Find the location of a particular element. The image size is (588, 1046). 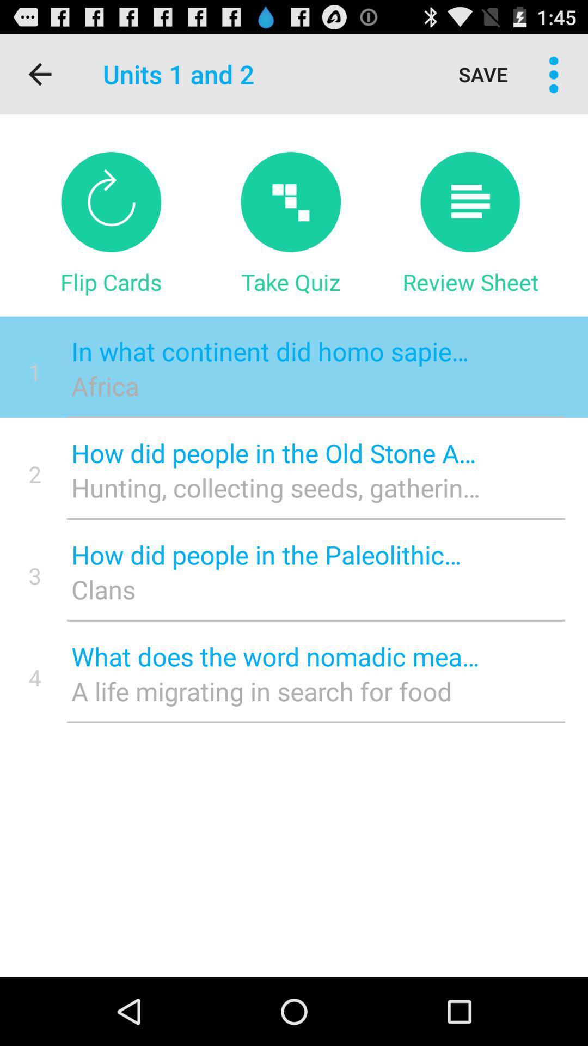

review sheet is located at coordinates (470, 202).